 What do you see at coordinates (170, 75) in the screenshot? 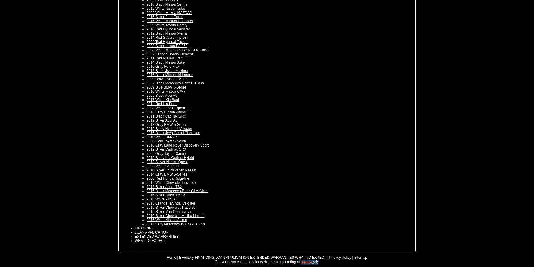
I see `'2016 Black Mitsubishi Lancer'` at bounding box center [170, 75].